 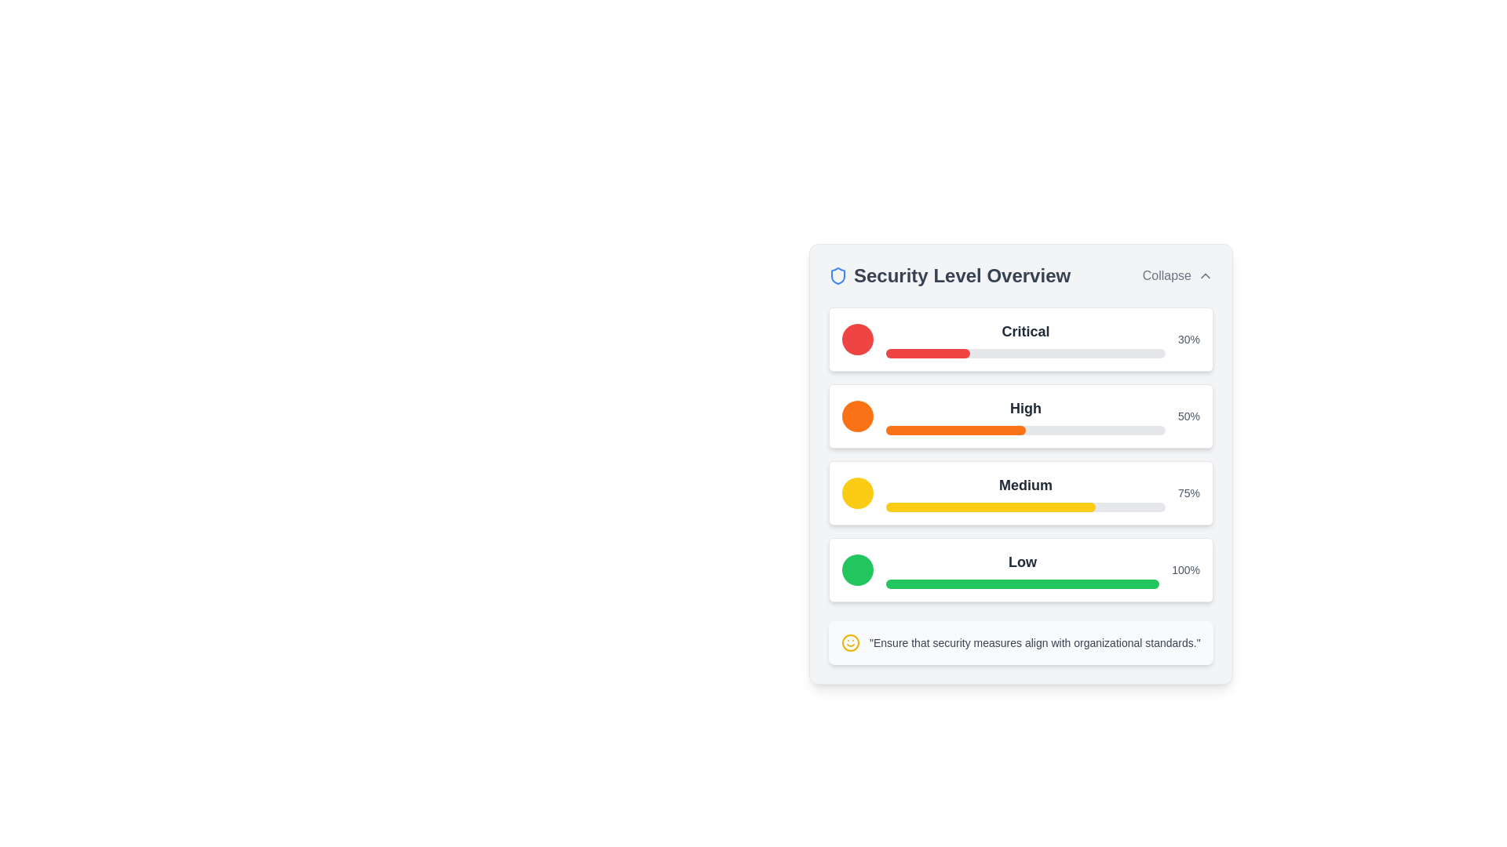 What do you see at coordinates (1025, 484) in the screenshot?
I see `the 'Medium' label in the security level overview panel, which is displayed in bold dark gray text and located centrally in its row, above a yellow progress bar` at bounding box center [1025, 484].